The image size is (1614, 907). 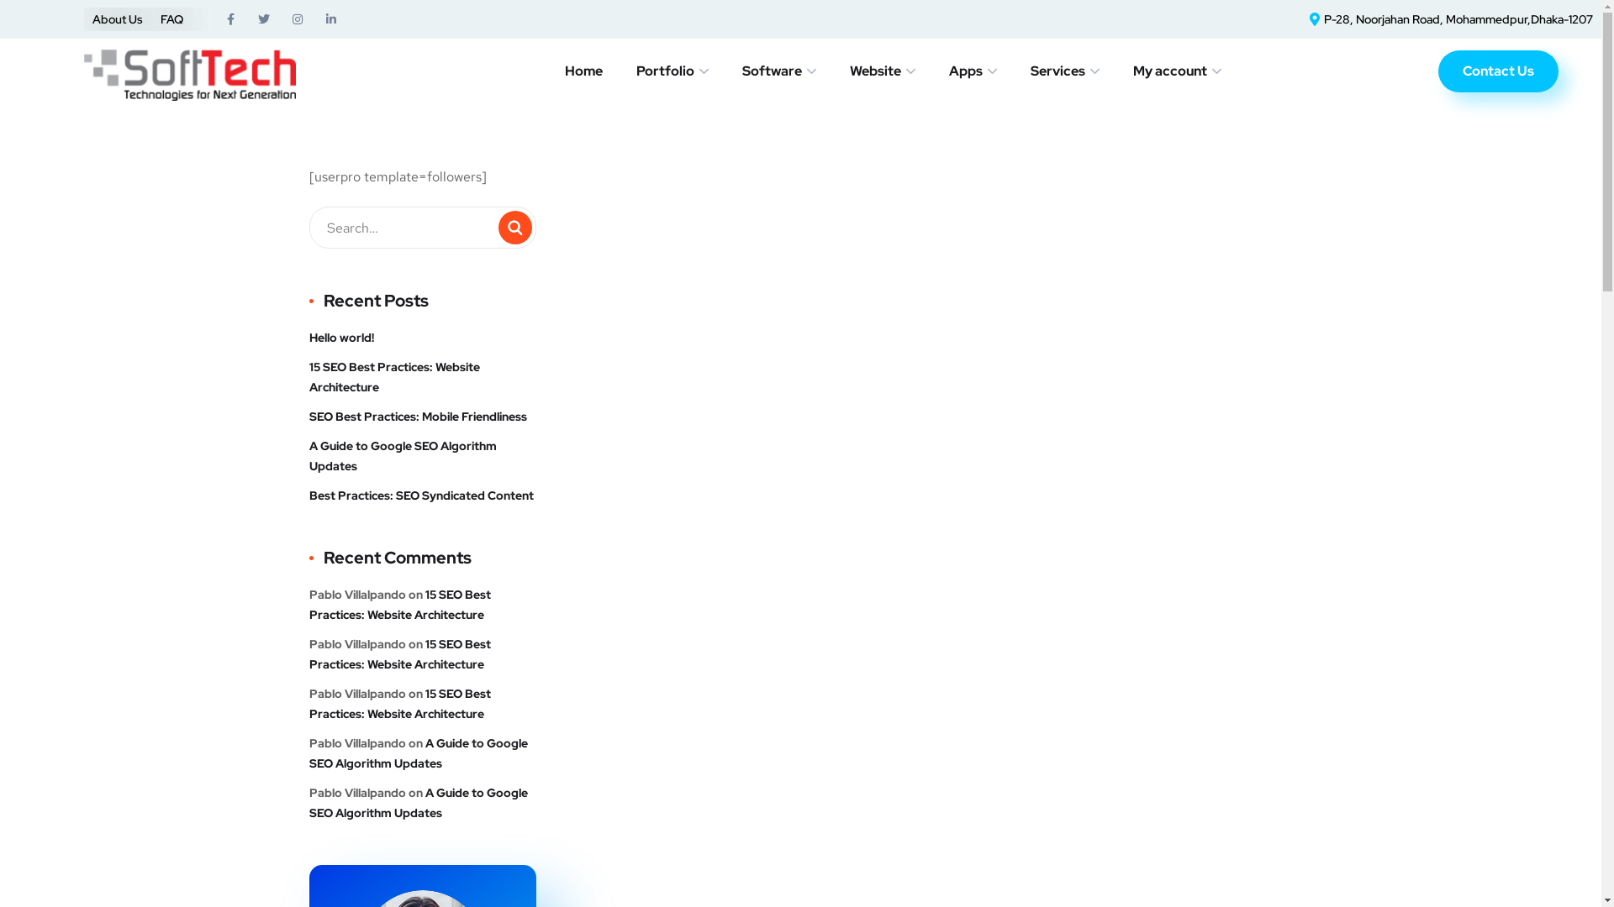 What do you see at coordinates (171, 19) in the screenshot?
I see `'FAQ'` at bounding box center [171, 19].